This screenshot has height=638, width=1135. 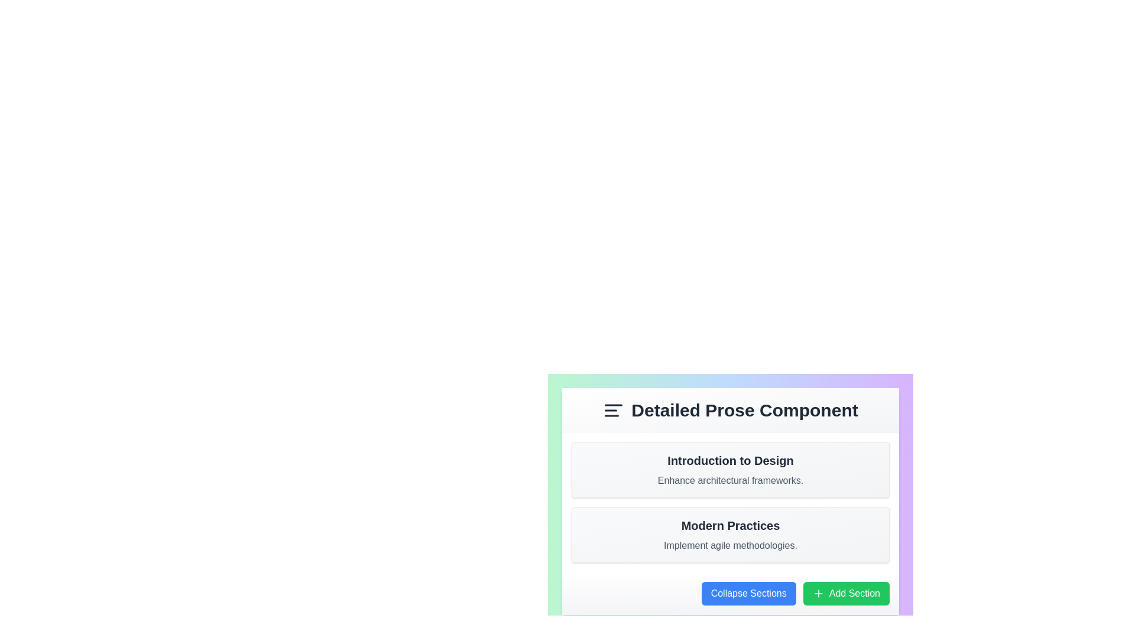 I want to click on the 'Collapse Sections' button on the left side of the horizontal bar at the bottom of the 'Detailed Prose Component', so click(x=730, y=594).